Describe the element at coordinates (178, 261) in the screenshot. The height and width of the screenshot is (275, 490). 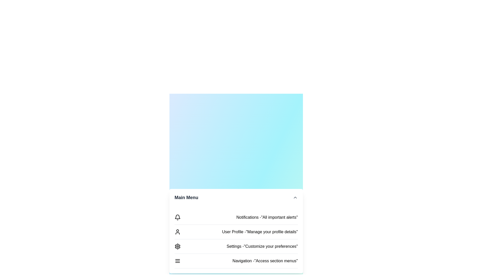
I see `the menu item labeled Navigation to select it` at that location.